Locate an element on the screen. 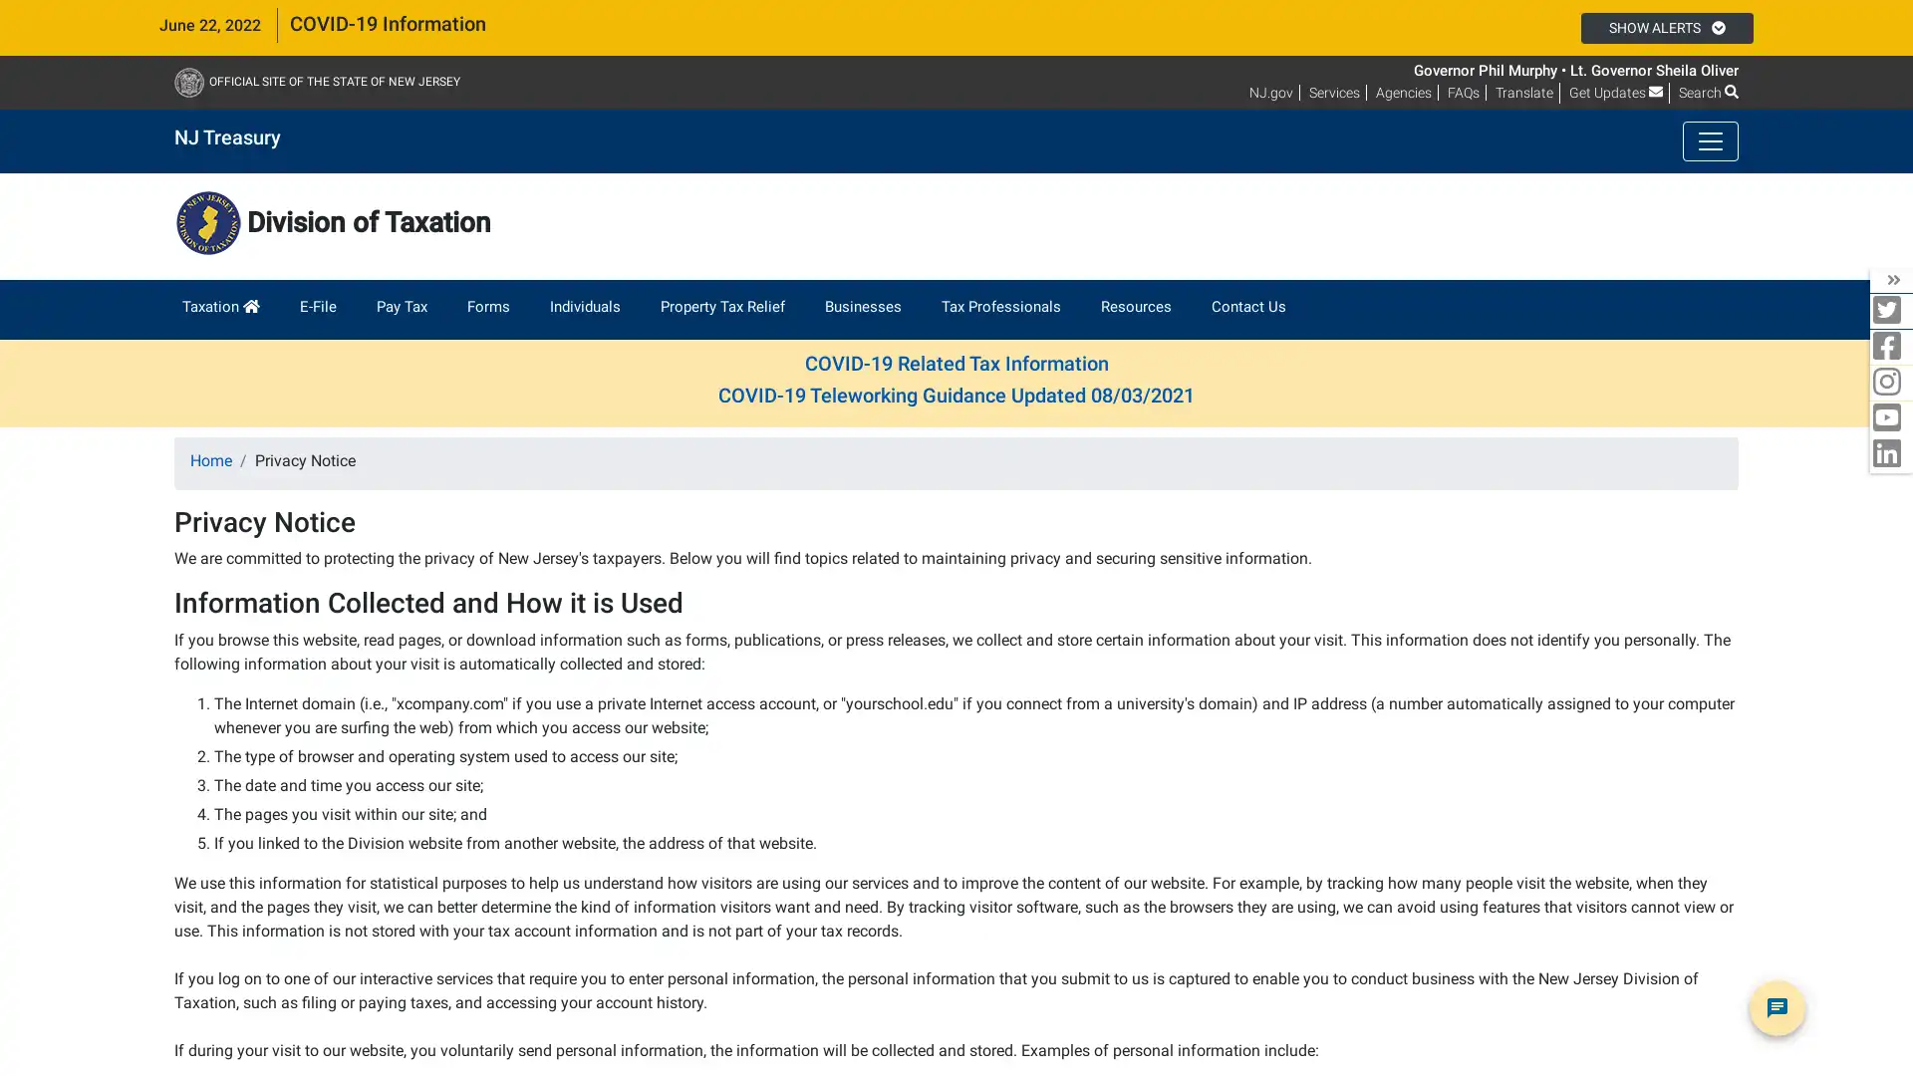 This screenshot has height=1076, width=1913. Toggle navigation is located at coordinates (1710, 140).